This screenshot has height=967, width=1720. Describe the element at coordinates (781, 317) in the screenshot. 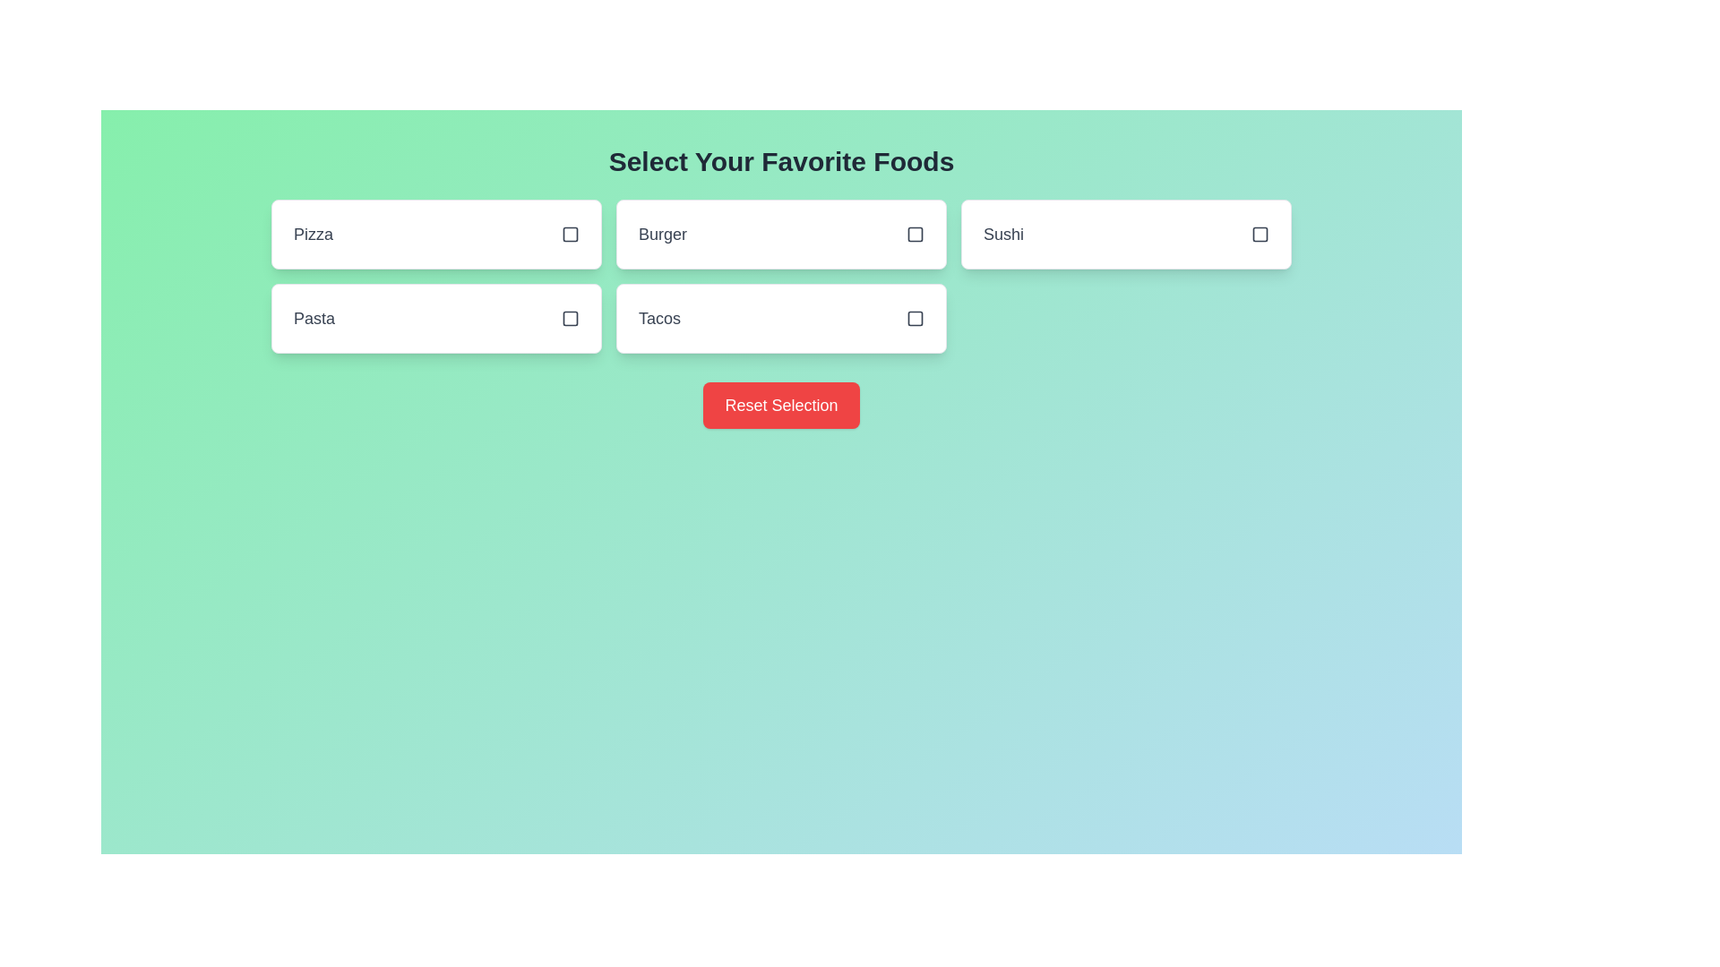

I see `the food item Tacos` at that location.